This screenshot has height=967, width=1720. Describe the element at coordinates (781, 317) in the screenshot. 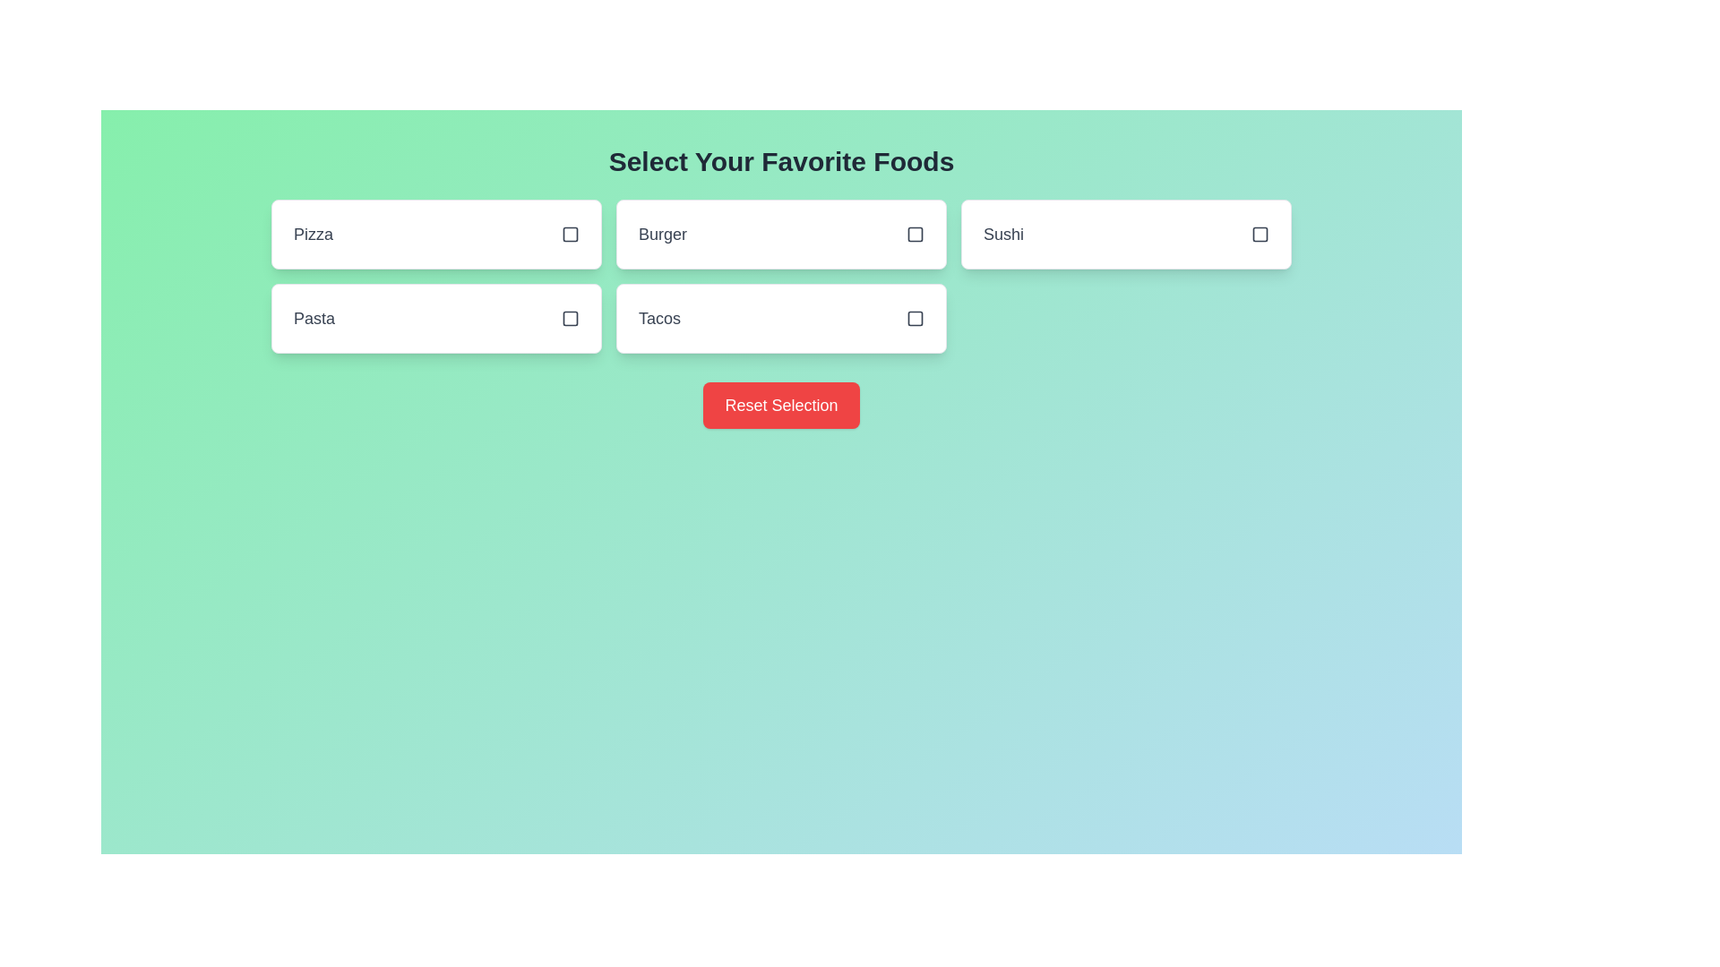

I see `the food item Tacos` at that location.